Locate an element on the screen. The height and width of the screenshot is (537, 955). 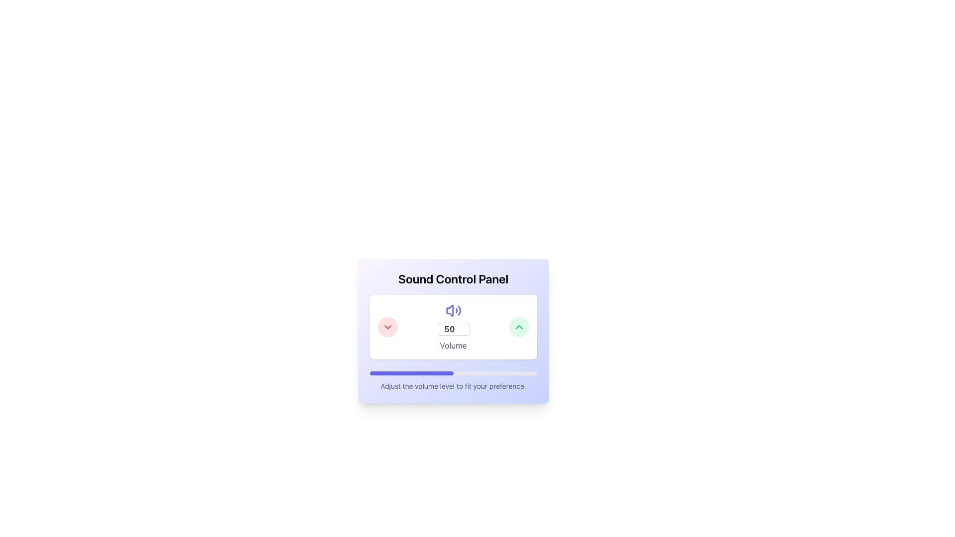
the volume is located at coordinates (382, 373).